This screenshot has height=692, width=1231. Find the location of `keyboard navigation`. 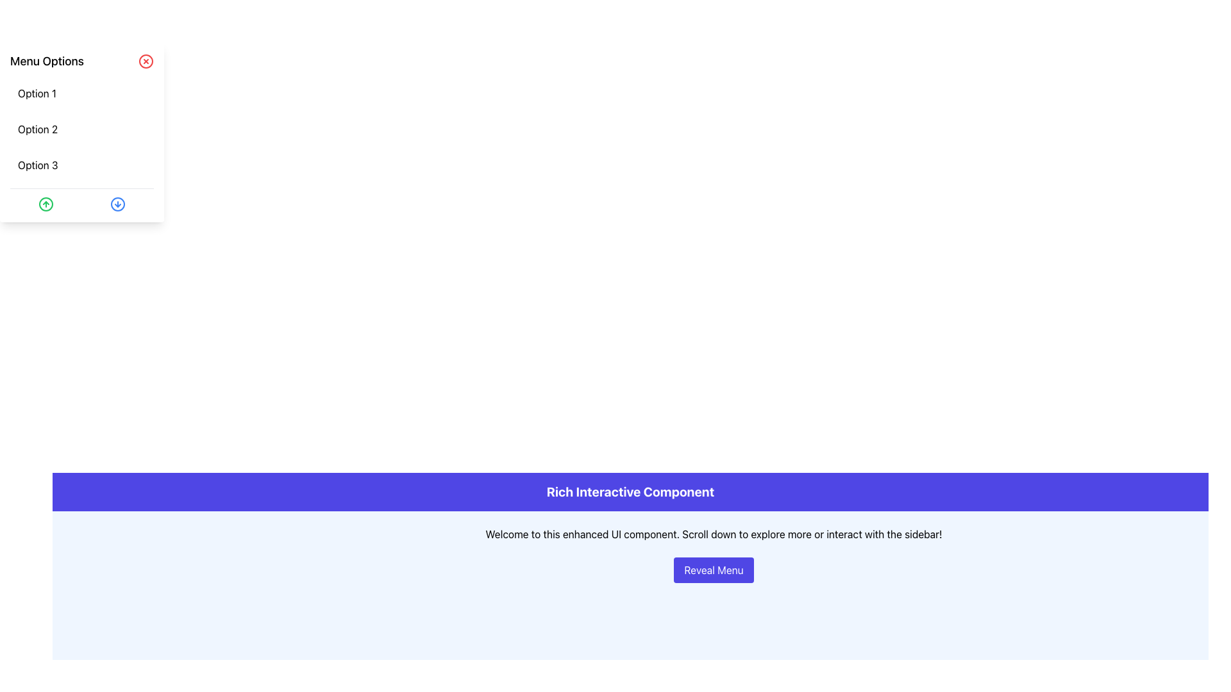

keyboard navigation is located at coordinates (81, 129).